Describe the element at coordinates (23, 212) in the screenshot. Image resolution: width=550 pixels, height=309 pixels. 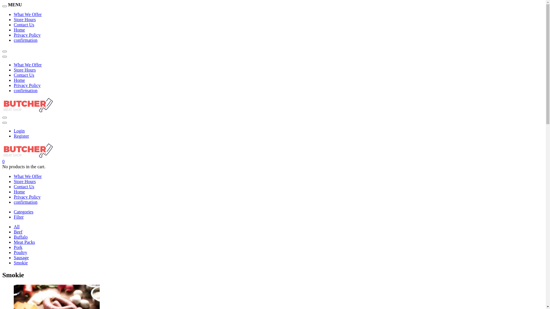
I see `'Categories'` at that location.